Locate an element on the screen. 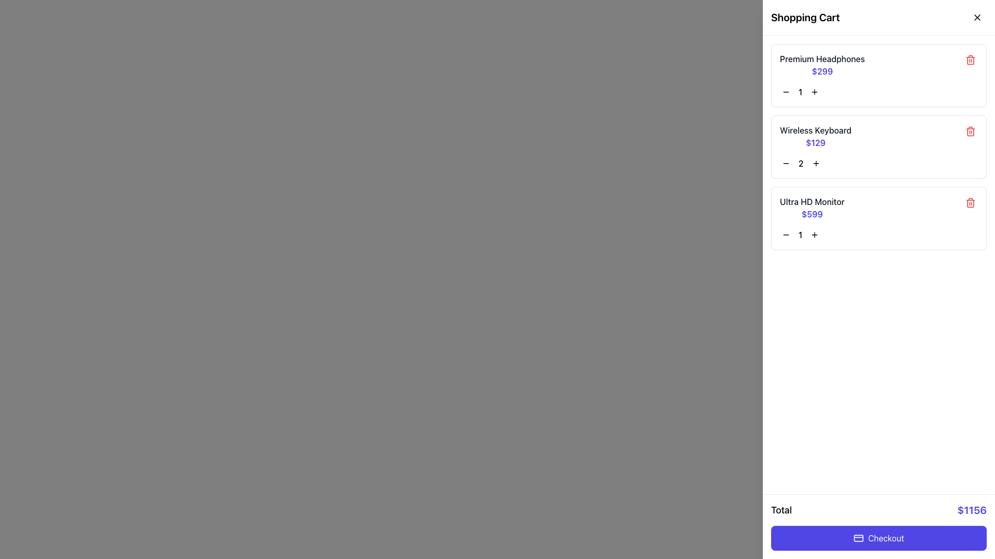 Image resolution: width=995 pixels, height=559 pixels. the Shopping cart item widget displaying 'Ultra HD Monitor' with price '$599', located in the third position of the Shopping Cart section is located at coordinates (878, 217).